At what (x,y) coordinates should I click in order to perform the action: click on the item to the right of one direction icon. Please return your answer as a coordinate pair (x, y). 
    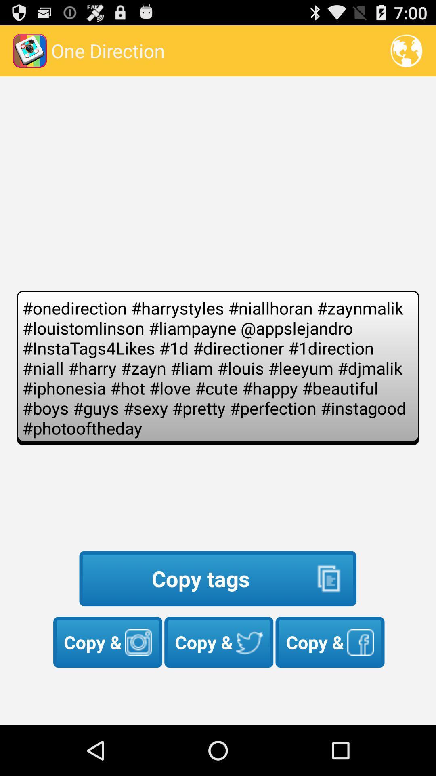
    Looking at the image, I should click on (406, 50).